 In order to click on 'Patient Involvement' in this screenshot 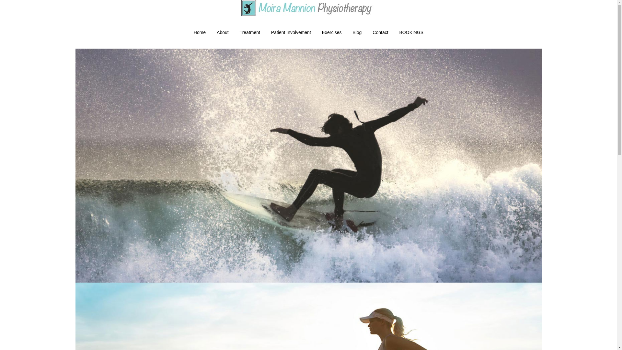, I will do `click(266, 32)`.